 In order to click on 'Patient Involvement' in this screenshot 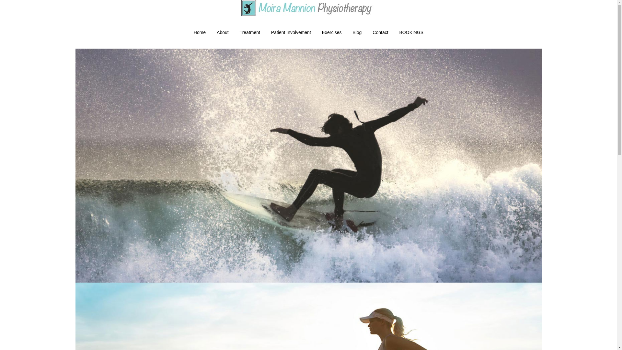, I will do `click(266, 32)`.